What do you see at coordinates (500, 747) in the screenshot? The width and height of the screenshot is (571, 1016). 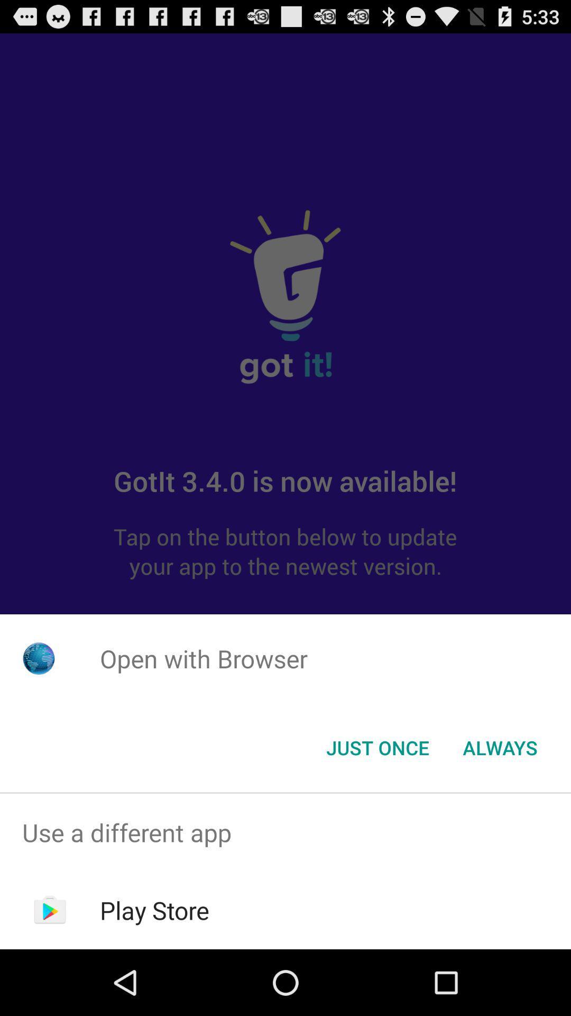 I see `the item to the right of the just once button` at bounding box center [500, 747].